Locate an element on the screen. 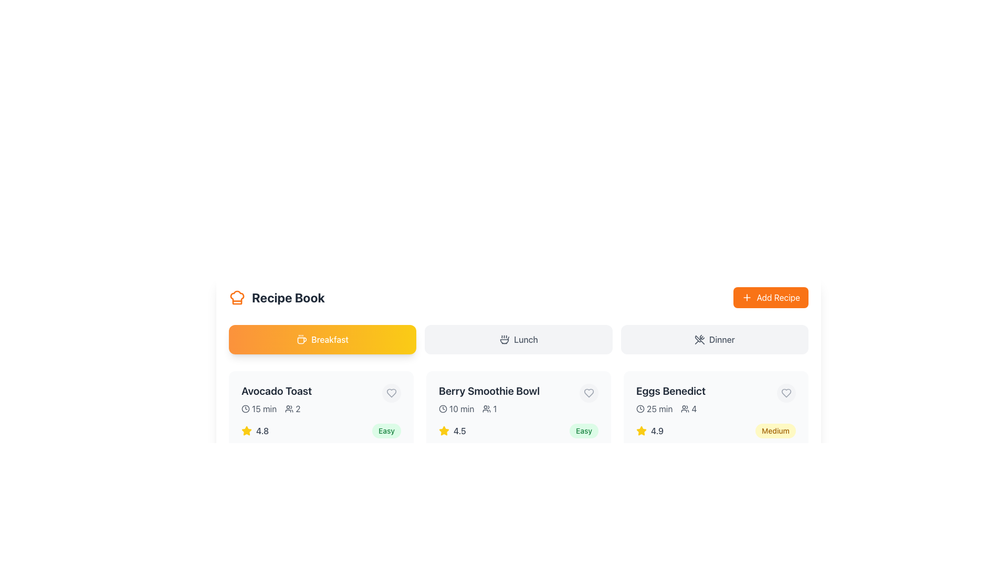 This screenshot has width=1008, height=567. the rounded rectangular button with a light gray background labeled 'Lunch' is located at coordinates (519, 340).